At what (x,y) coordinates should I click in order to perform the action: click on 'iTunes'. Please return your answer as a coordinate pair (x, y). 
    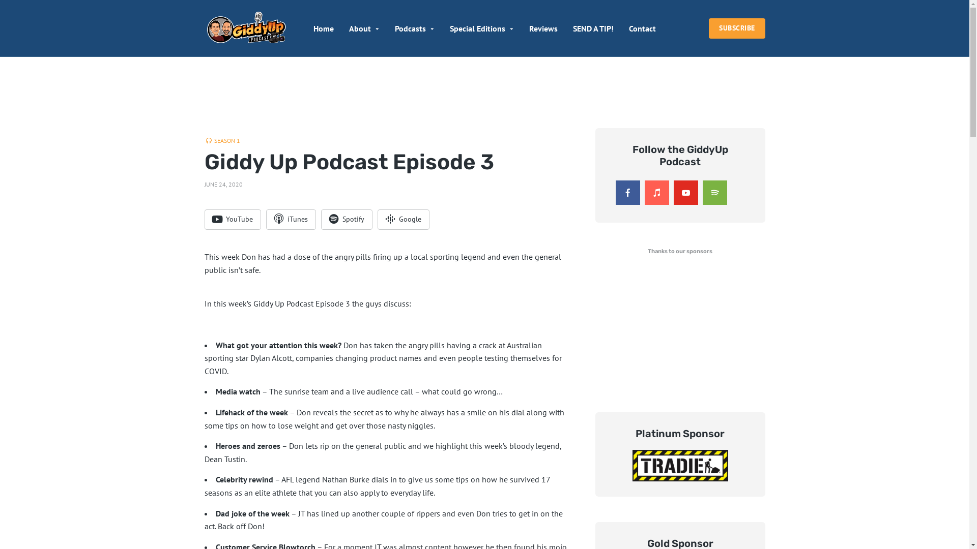
    Looking at the image, I should click on (290, 219).